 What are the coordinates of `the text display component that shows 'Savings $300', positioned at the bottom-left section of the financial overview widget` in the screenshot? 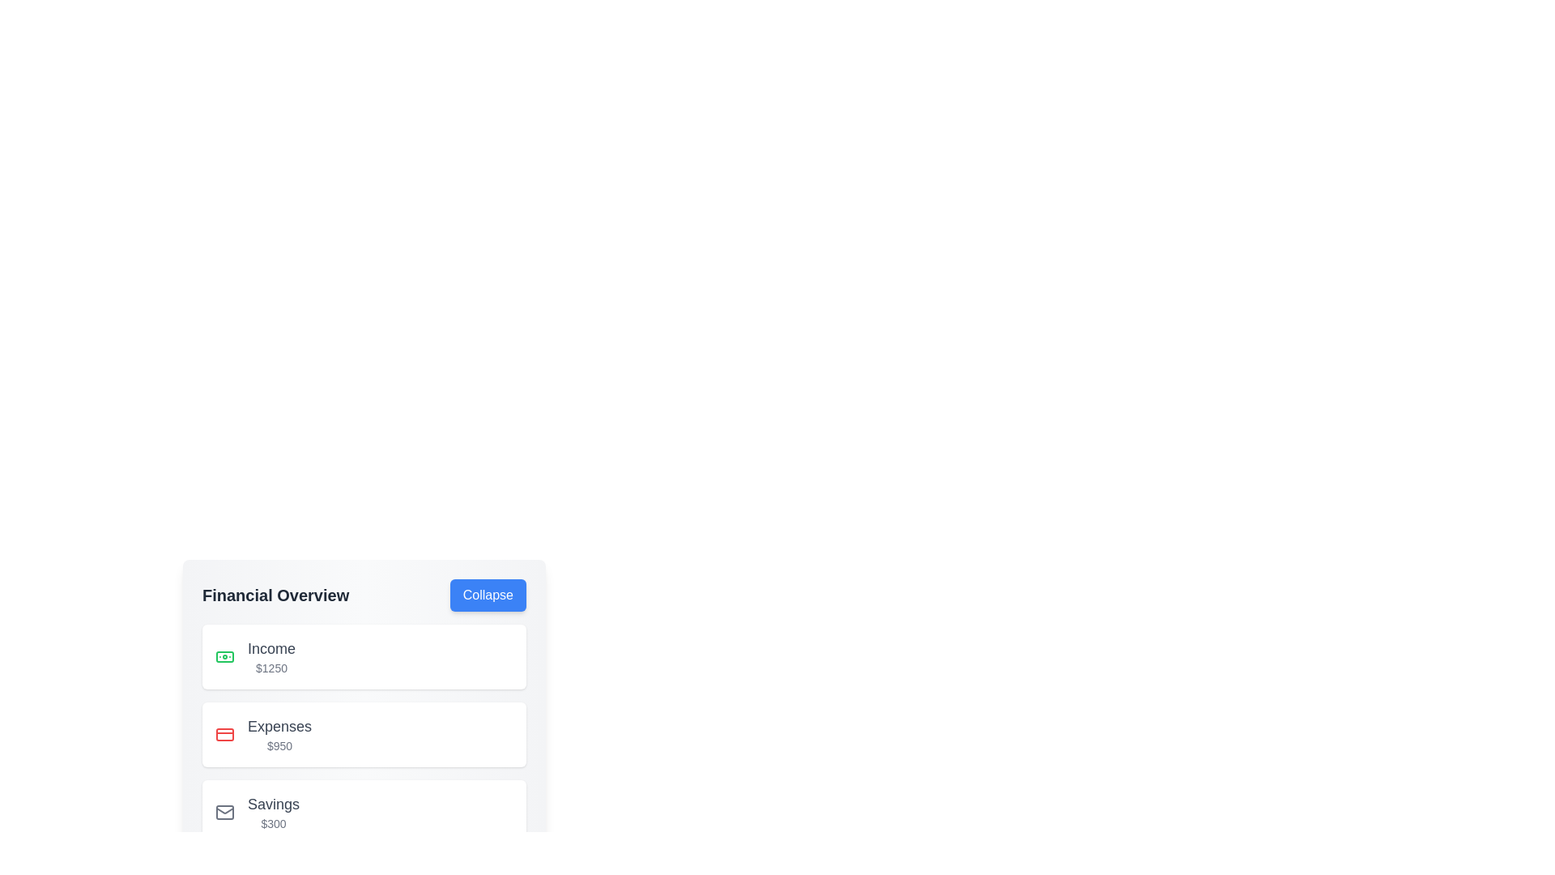 It's located at (274, 812).